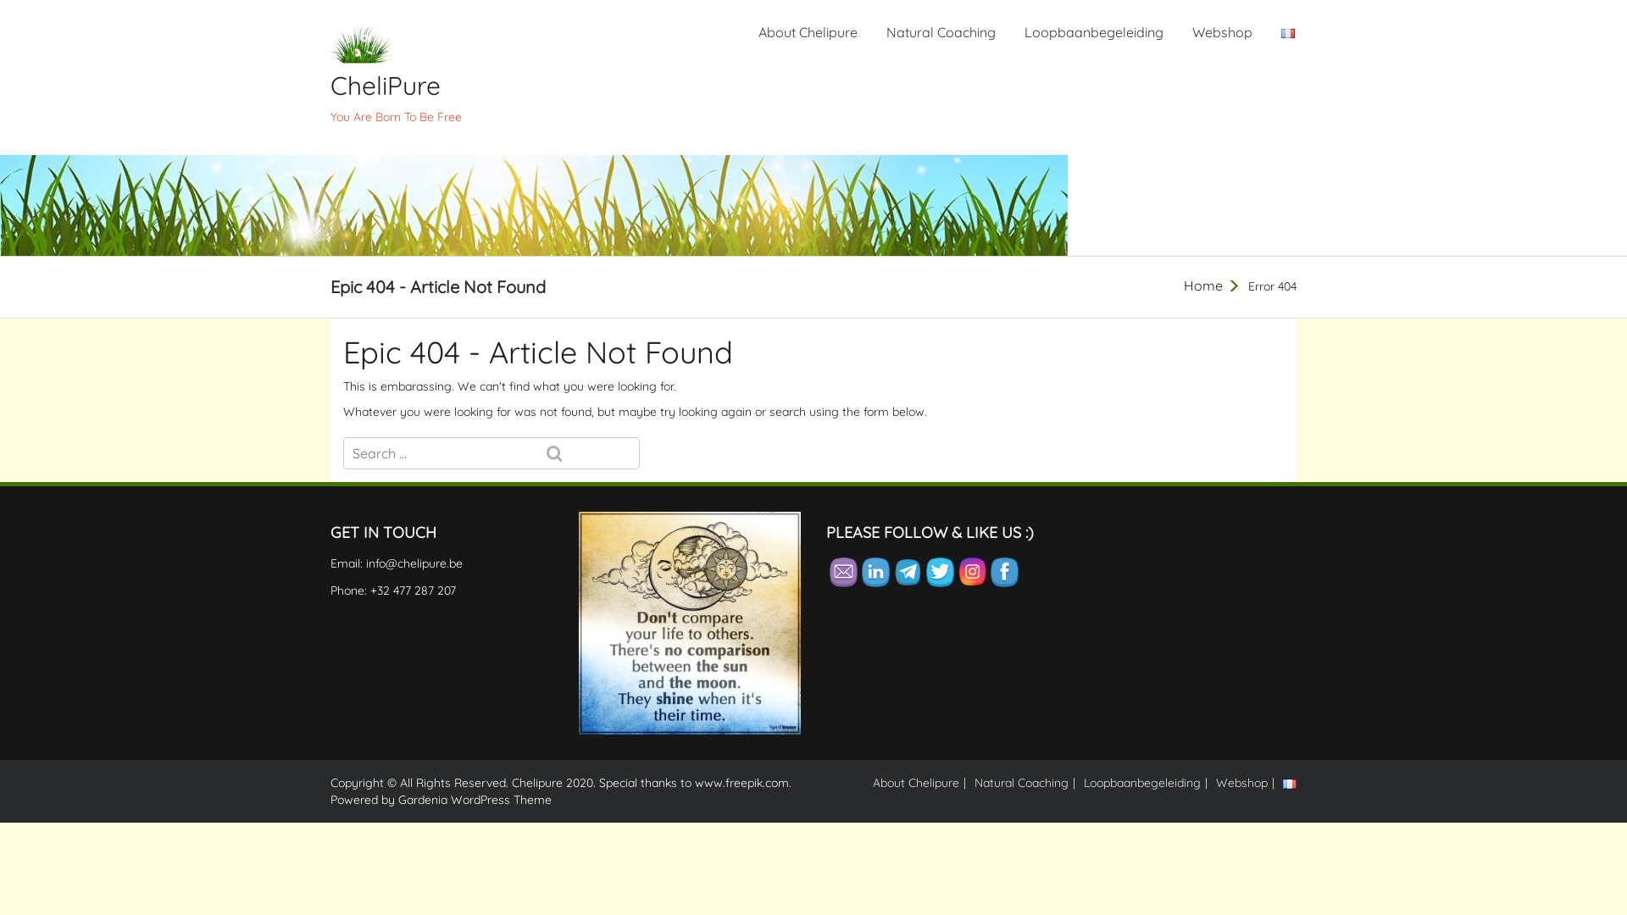 The image size is (1627, 915). What do you see at coordinates (441, 86) in the screenshot?
I see `'CheliPure'` at bounding box center [441, 86].